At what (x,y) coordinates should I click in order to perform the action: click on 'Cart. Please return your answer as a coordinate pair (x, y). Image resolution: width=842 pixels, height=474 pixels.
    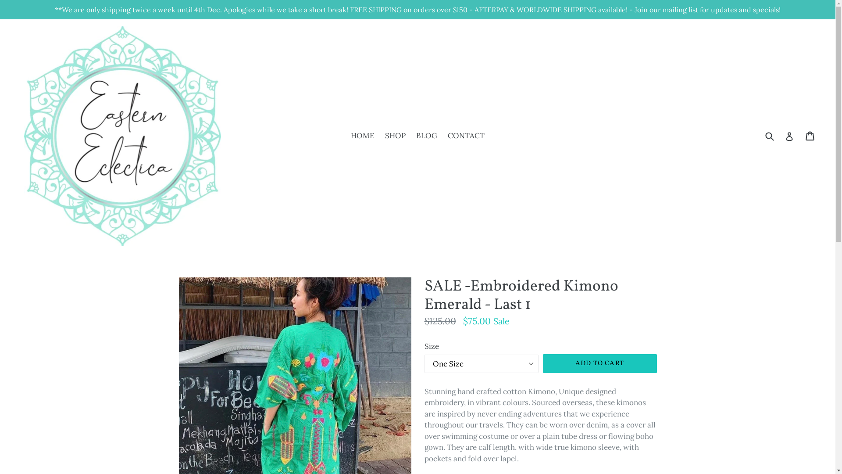
    Looking at the image, I should click on (810, 136).